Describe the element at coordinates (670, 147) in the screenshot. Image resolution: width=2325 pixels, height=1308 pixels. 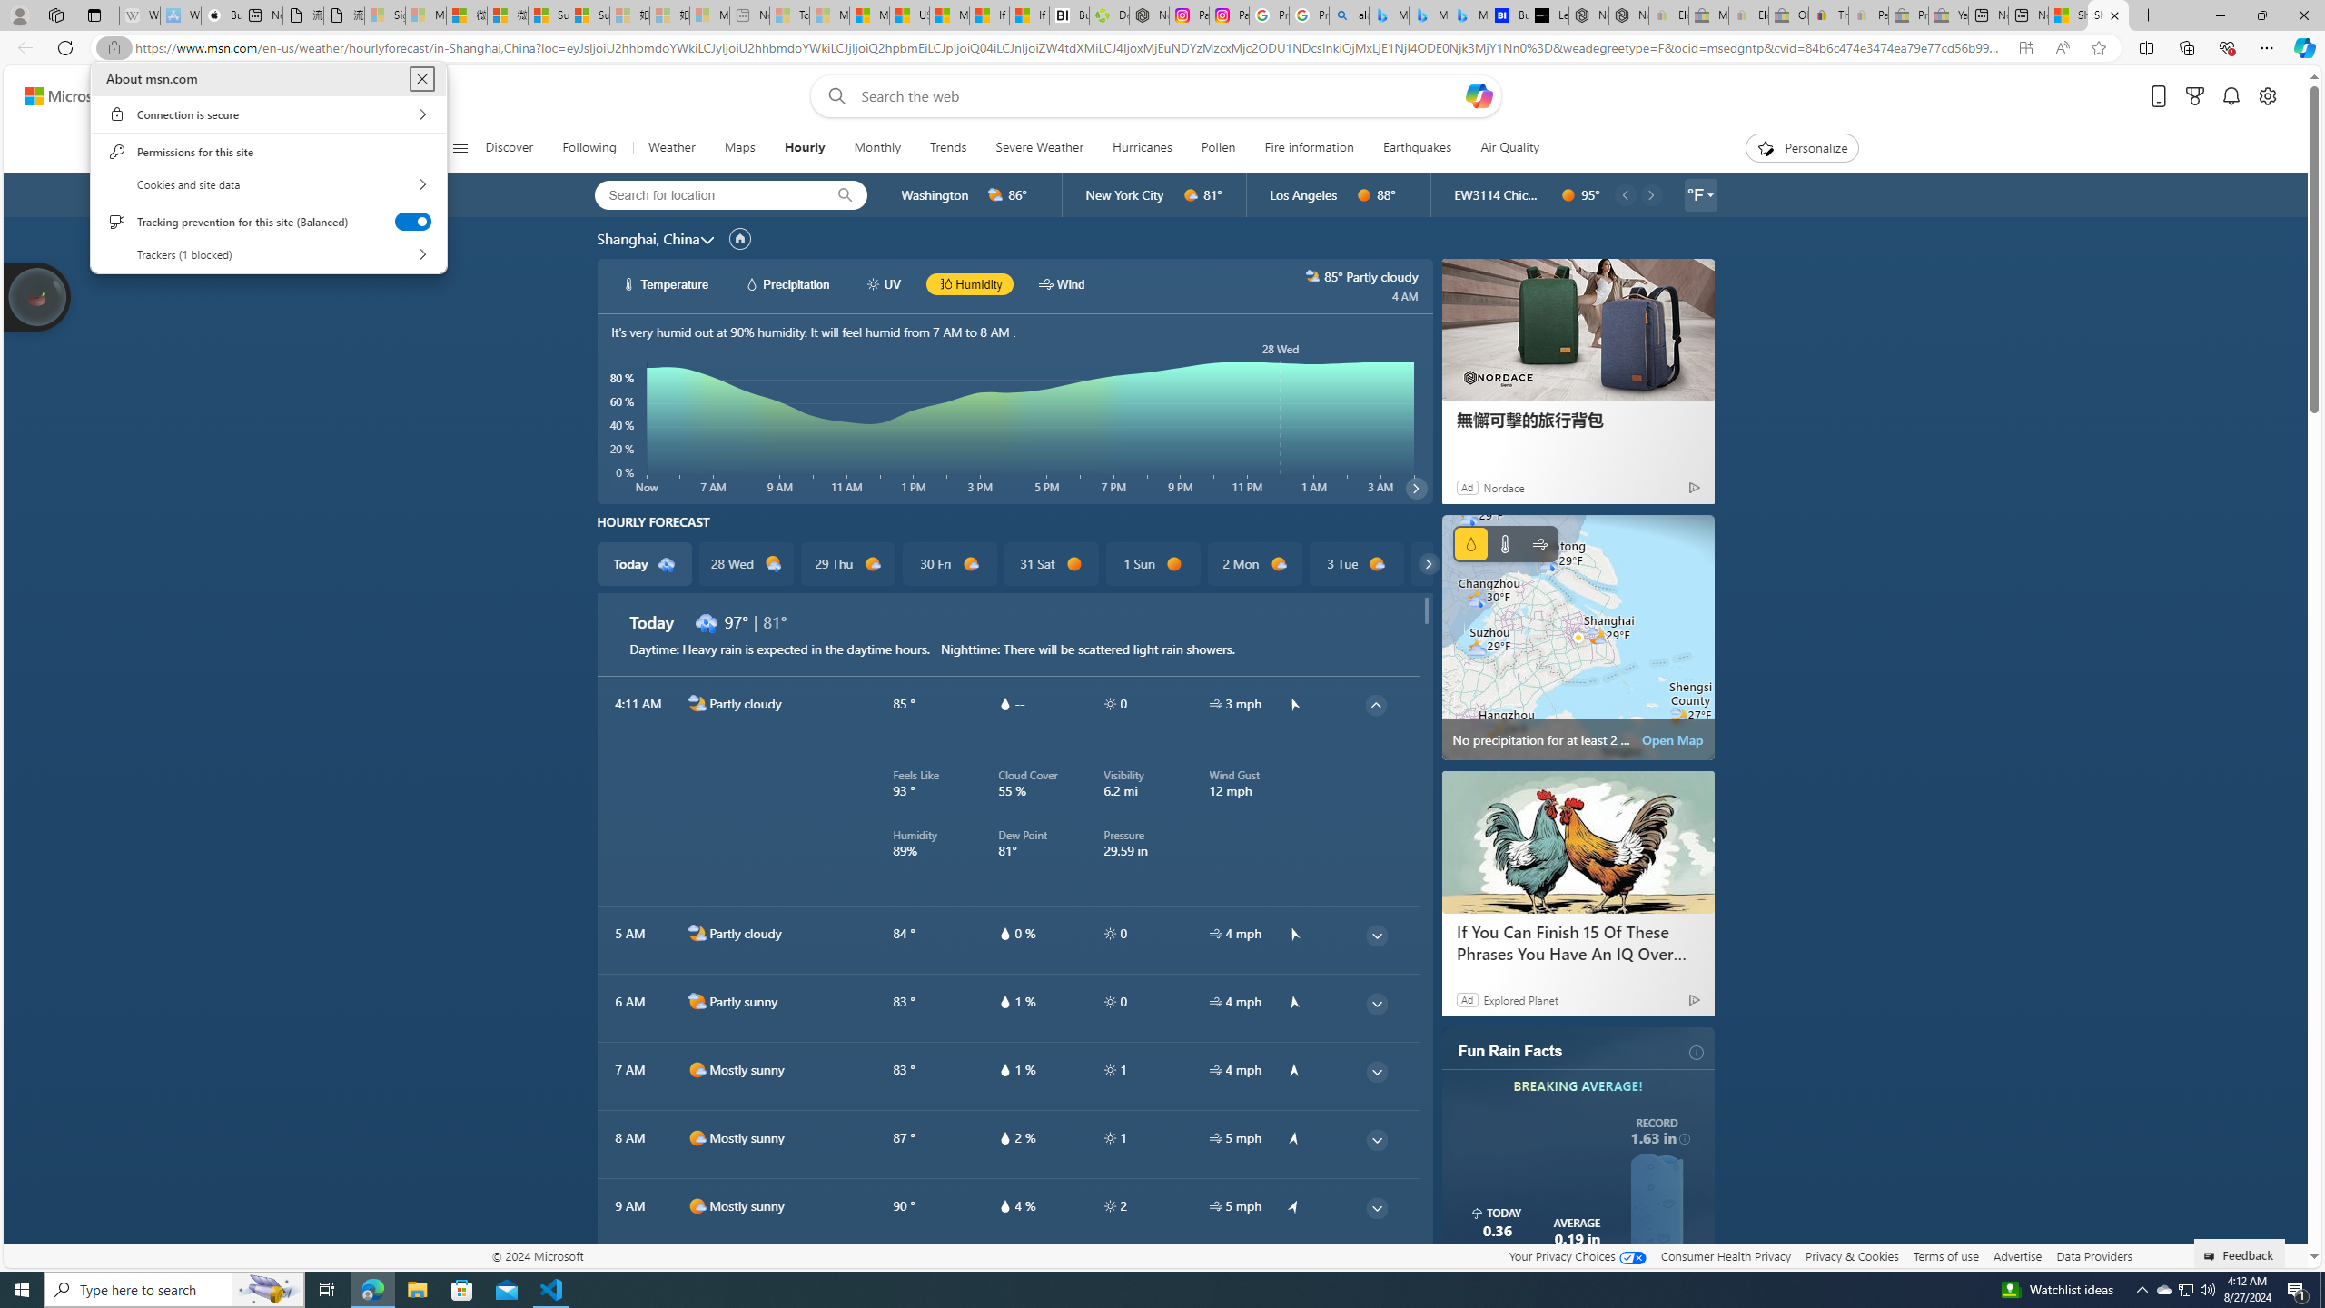
I see `'Weather'` at that location.